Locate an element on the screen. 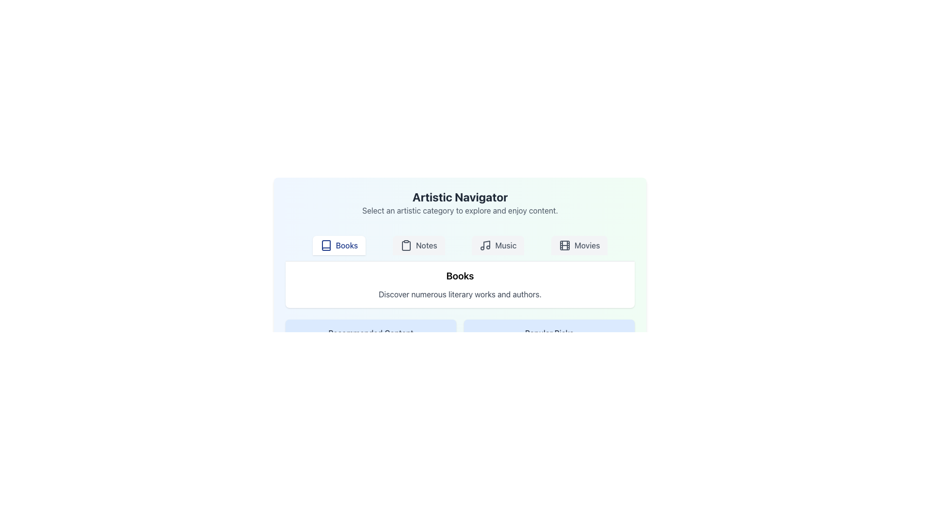 This screenshot has width=931, height=523. the clipboard icon in the 'Notes' tab to switch tabs is located at coordinates (406, 245).